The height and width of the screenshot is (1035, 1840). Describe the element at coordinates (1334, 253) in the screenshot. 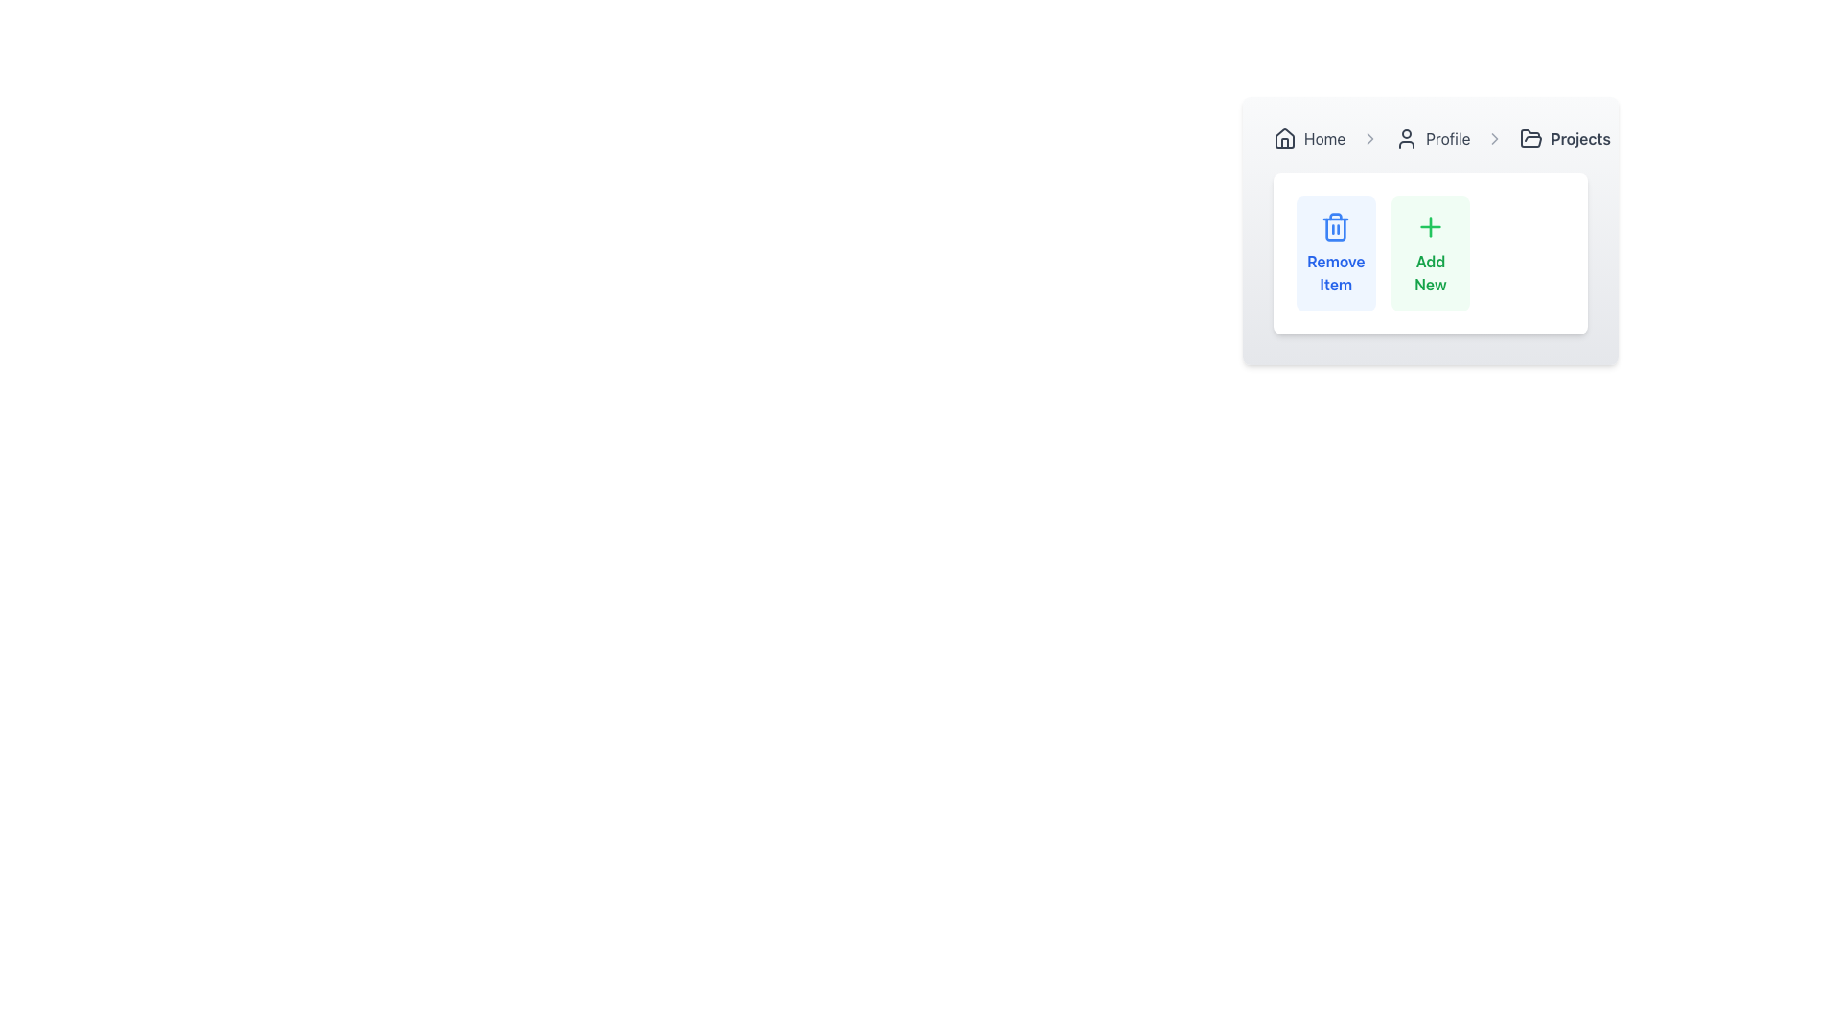

I see `the remove button located in the leftmost column of the grid layout, which is positioned in the top-right corner of the interface` at that location.